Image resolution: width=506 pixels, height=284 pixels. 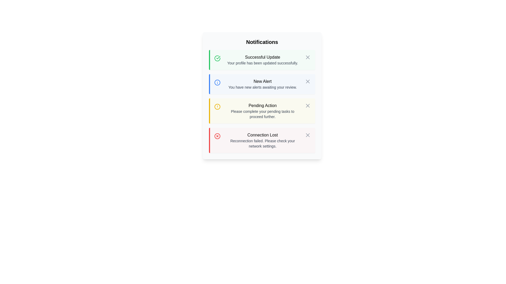 I want to click on the circular element with an orange border, which is part of the alert symbol for 'Pending Action' notification, centrally positioned in the round icon, so click(x=217, y=106).